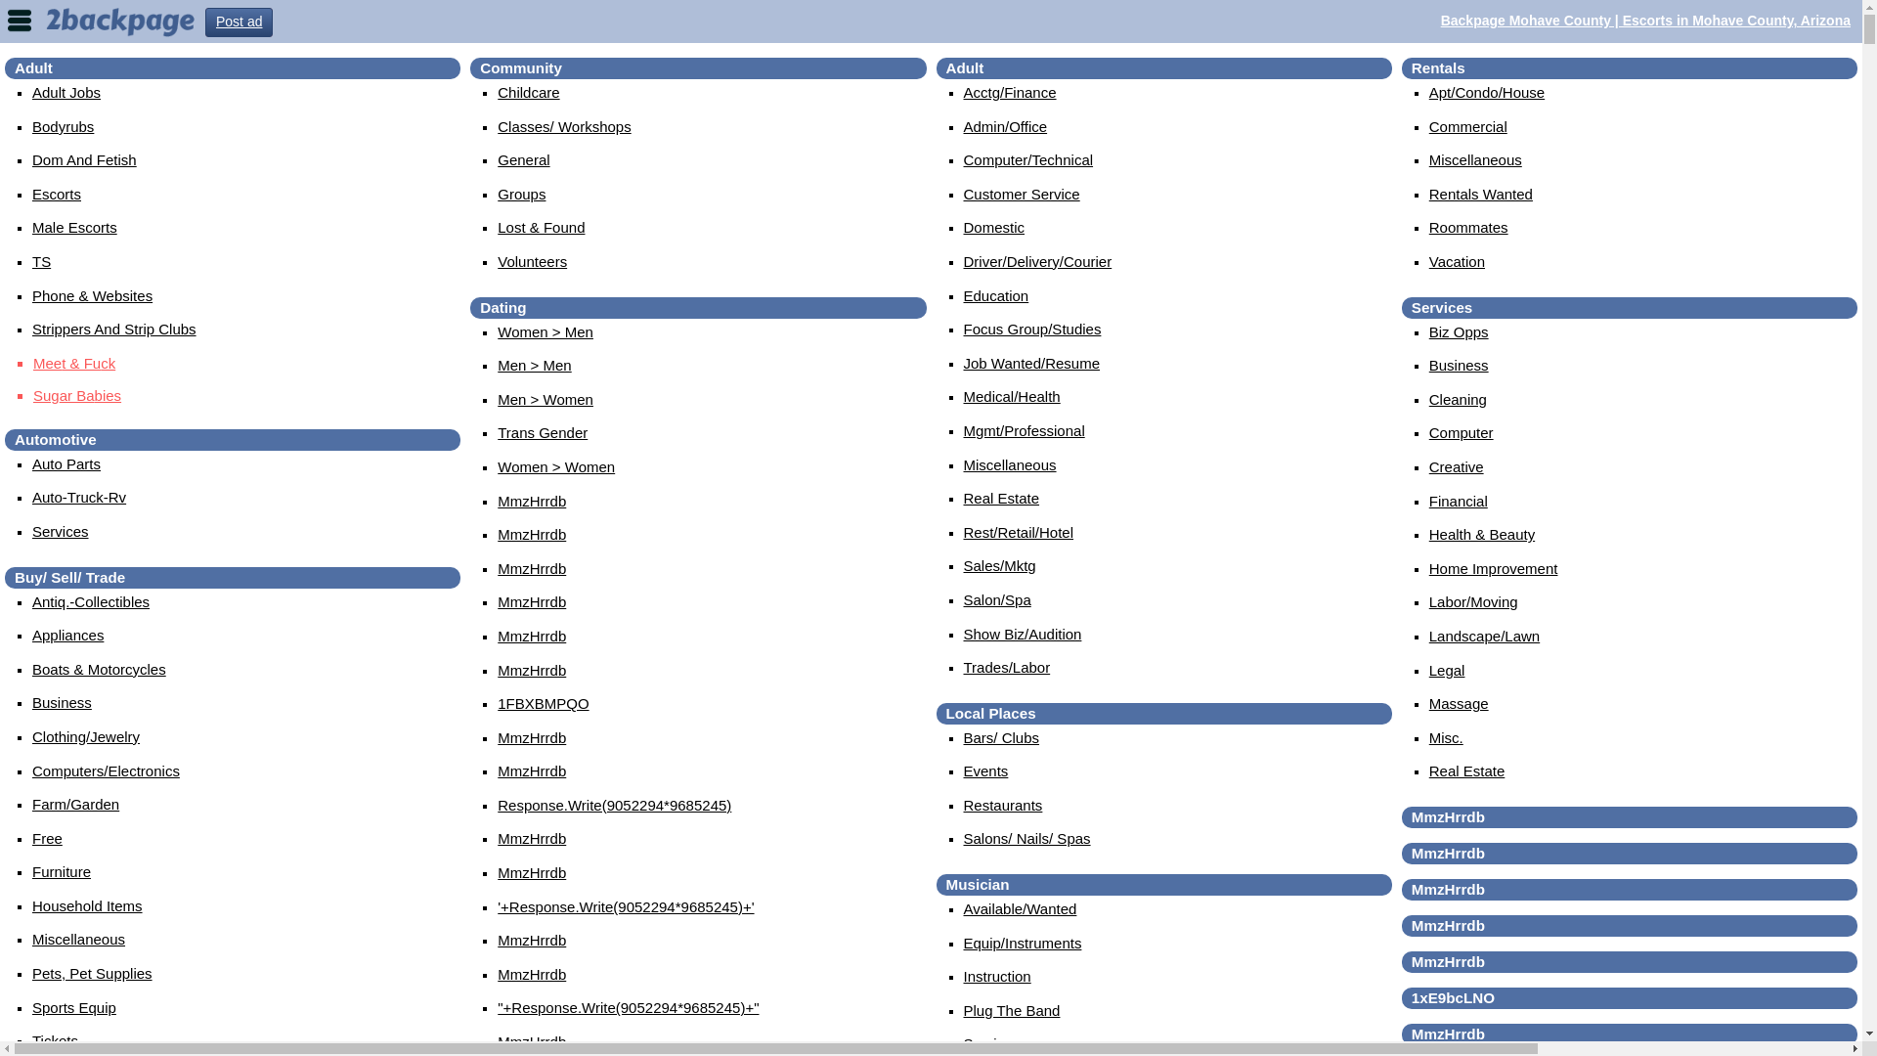 The image size is (1877, 1056). Describe the element at coordinates (1031, 328) in the screenshot. I see `'Focus Group/Studies'` at that location.